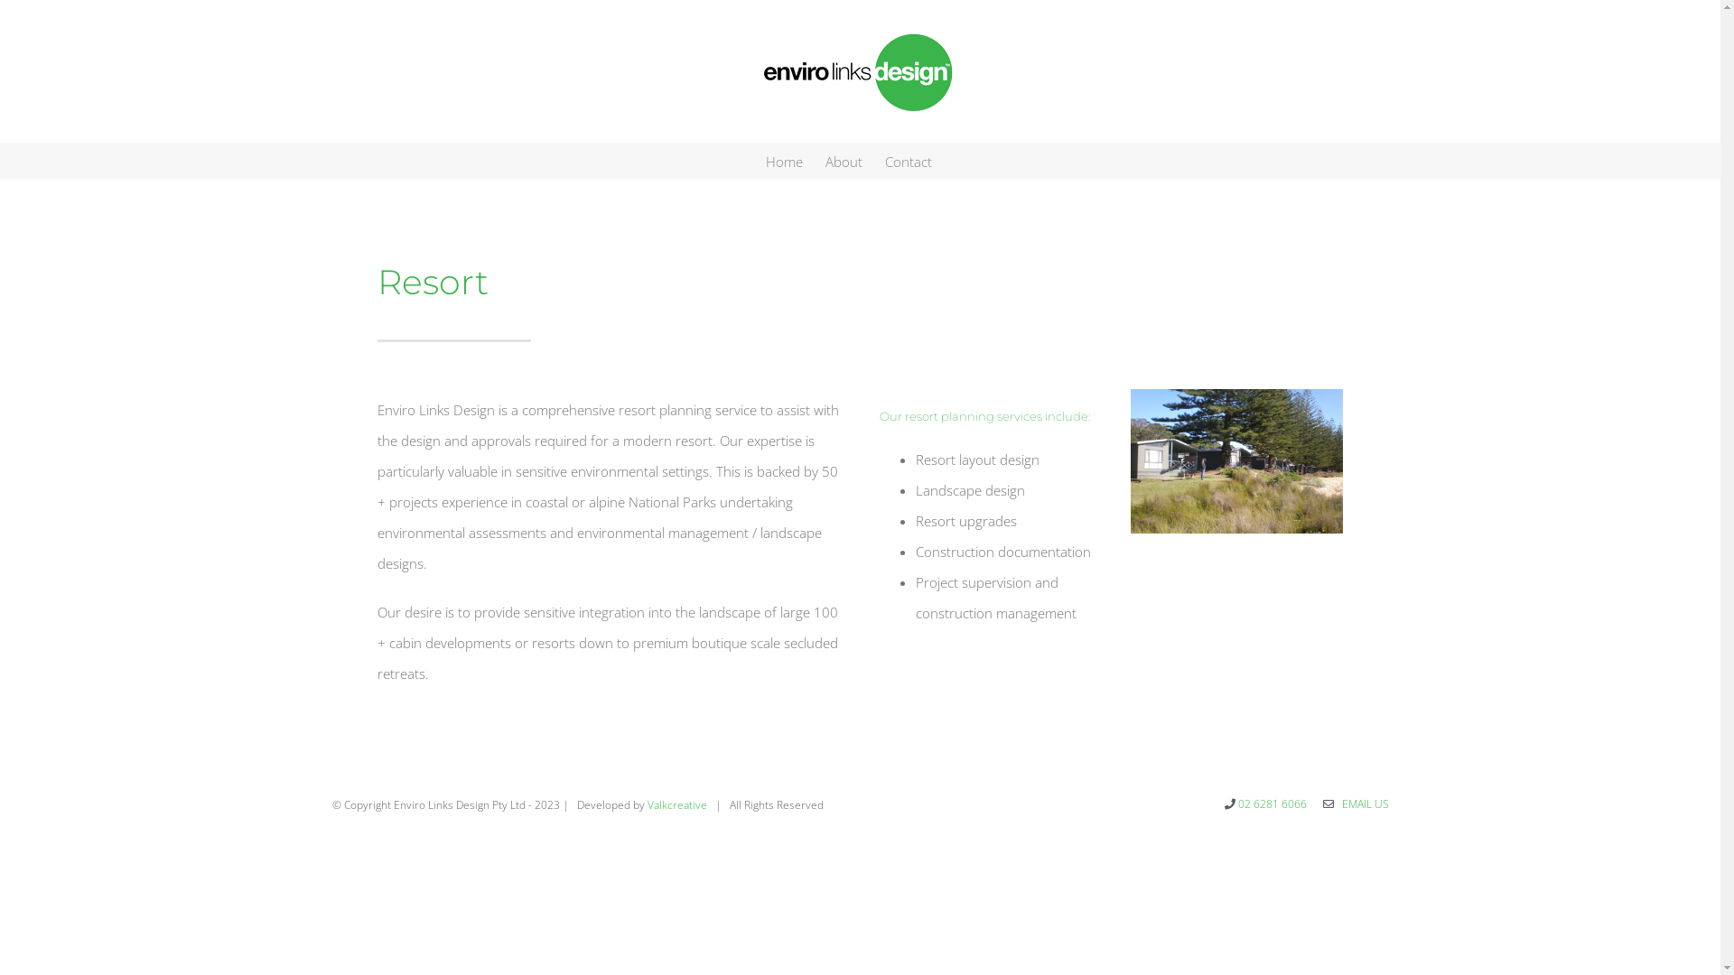 The height and width of the screenshot is (975, 1734). I want to click on '  EMAIL US', so click(1336, 803).